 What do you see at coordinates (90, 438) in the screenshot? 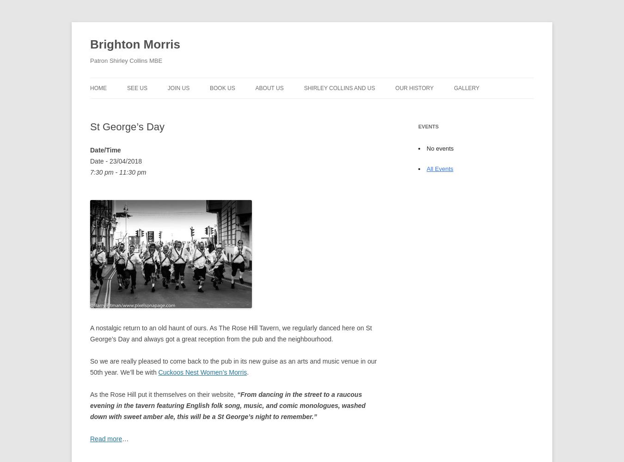
I see `'Read more'` at bounding box center [90, 438].